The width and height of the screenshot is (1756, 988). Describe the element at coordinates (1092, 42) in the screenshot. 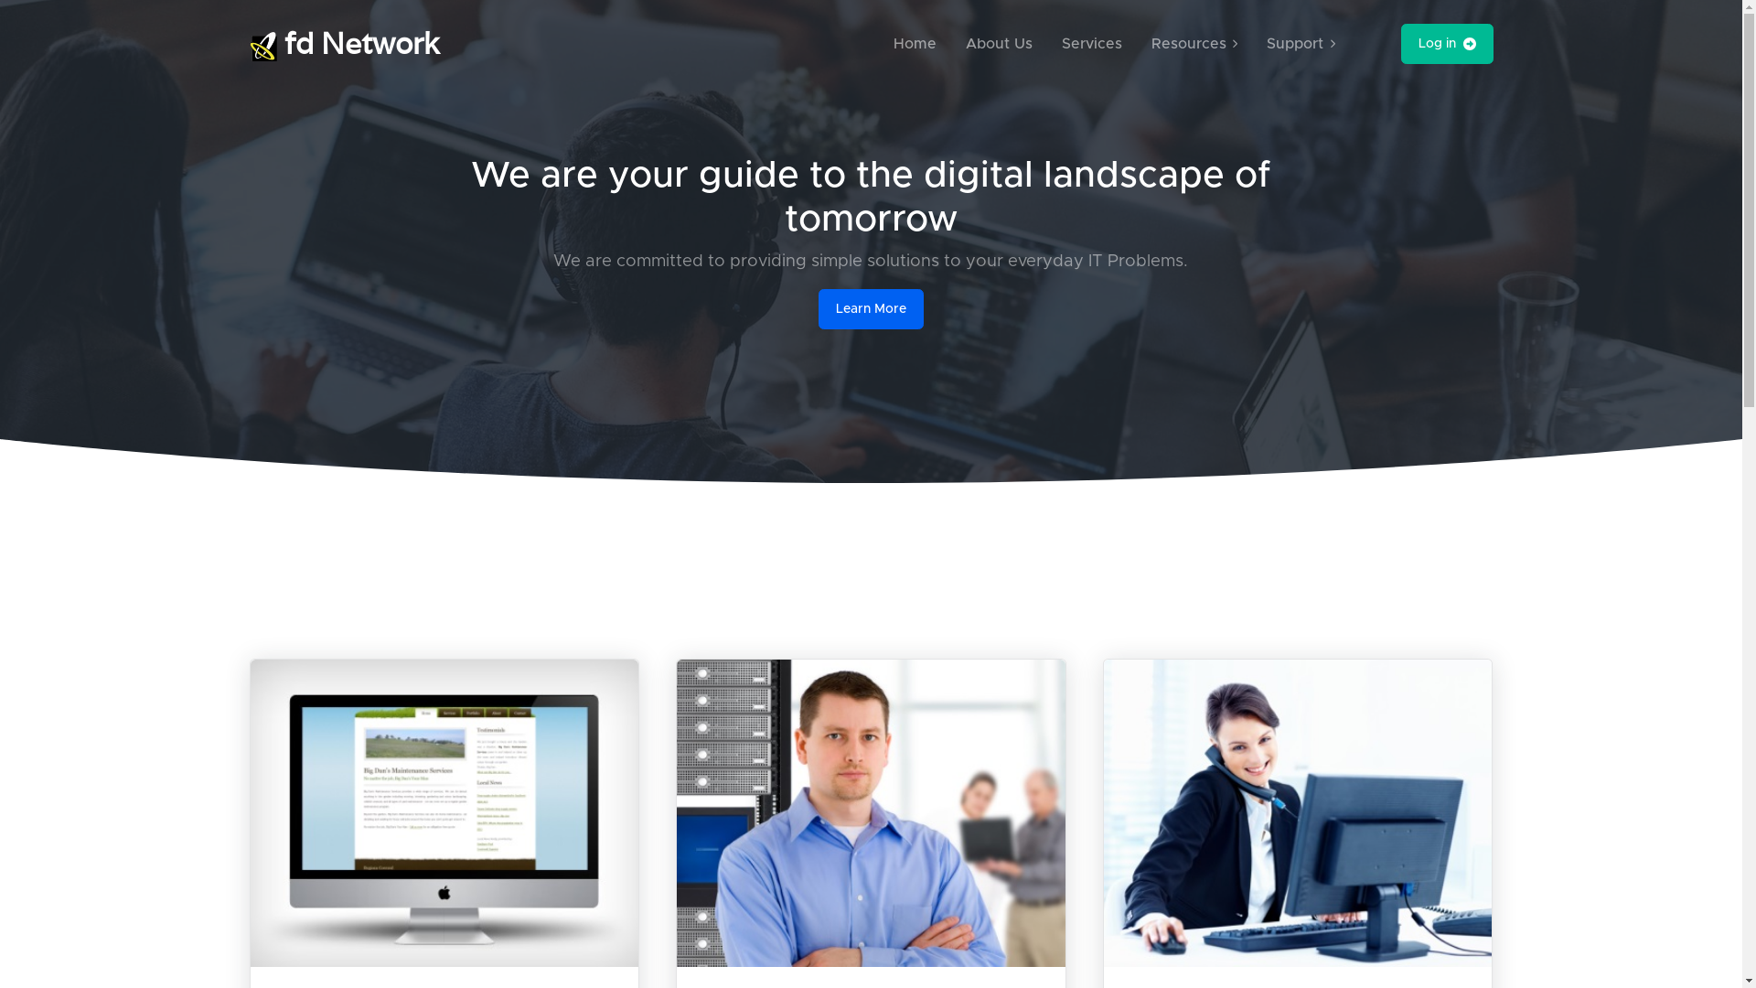

I see `'Services'` at that location.